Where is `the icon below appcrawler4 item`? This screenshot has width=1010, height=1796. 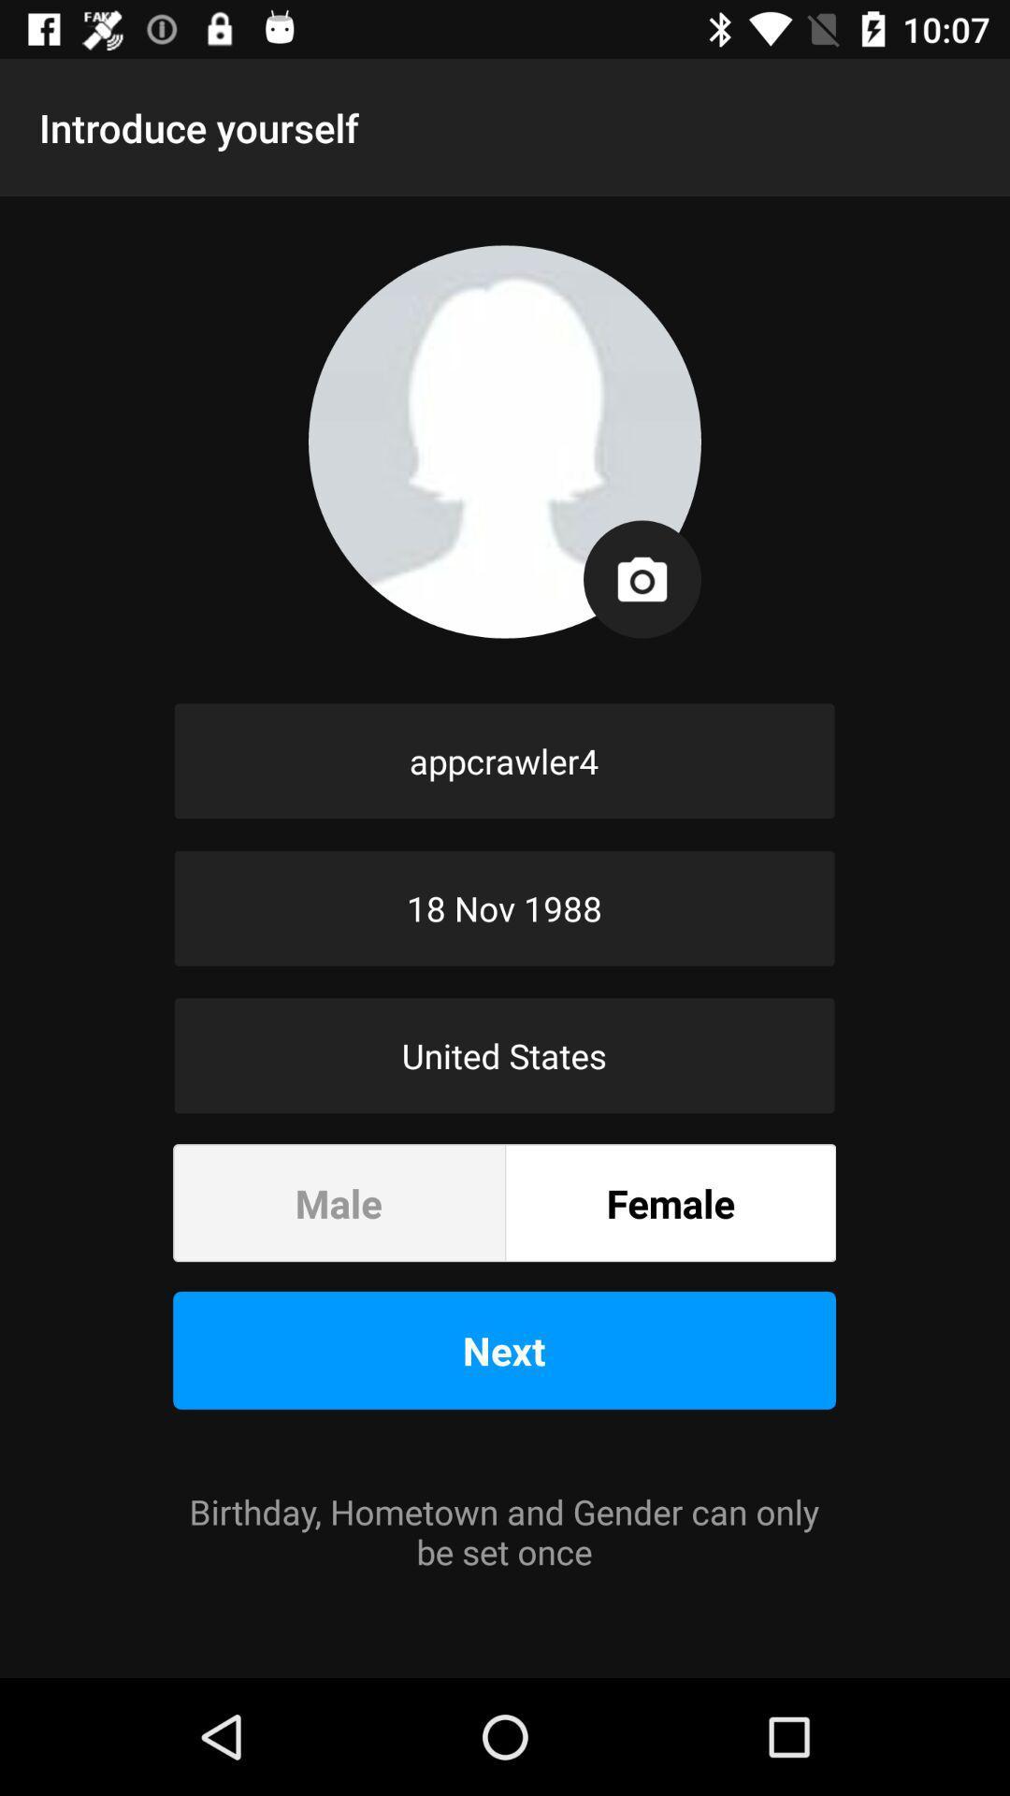
the icon below appcrawler4 item is located at coordinates (503, 908).